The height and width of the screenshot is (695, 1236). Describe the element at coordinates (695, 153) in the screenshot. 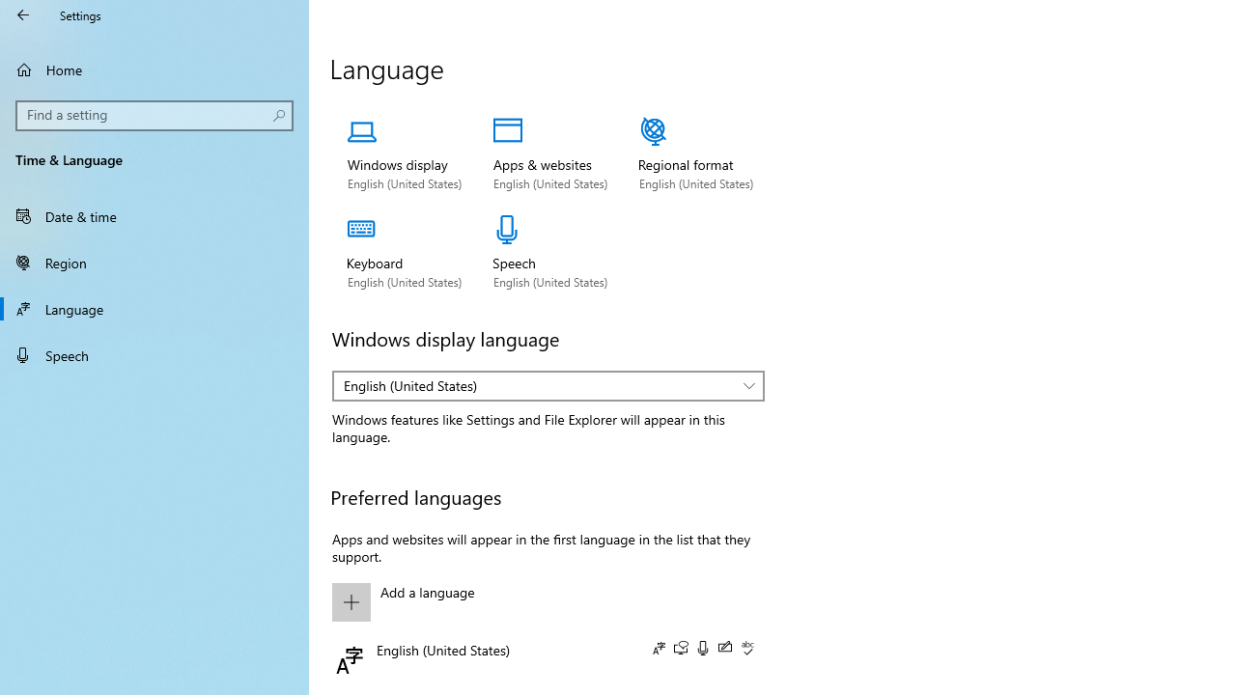

I see `'Manage regional format language'` at that location.